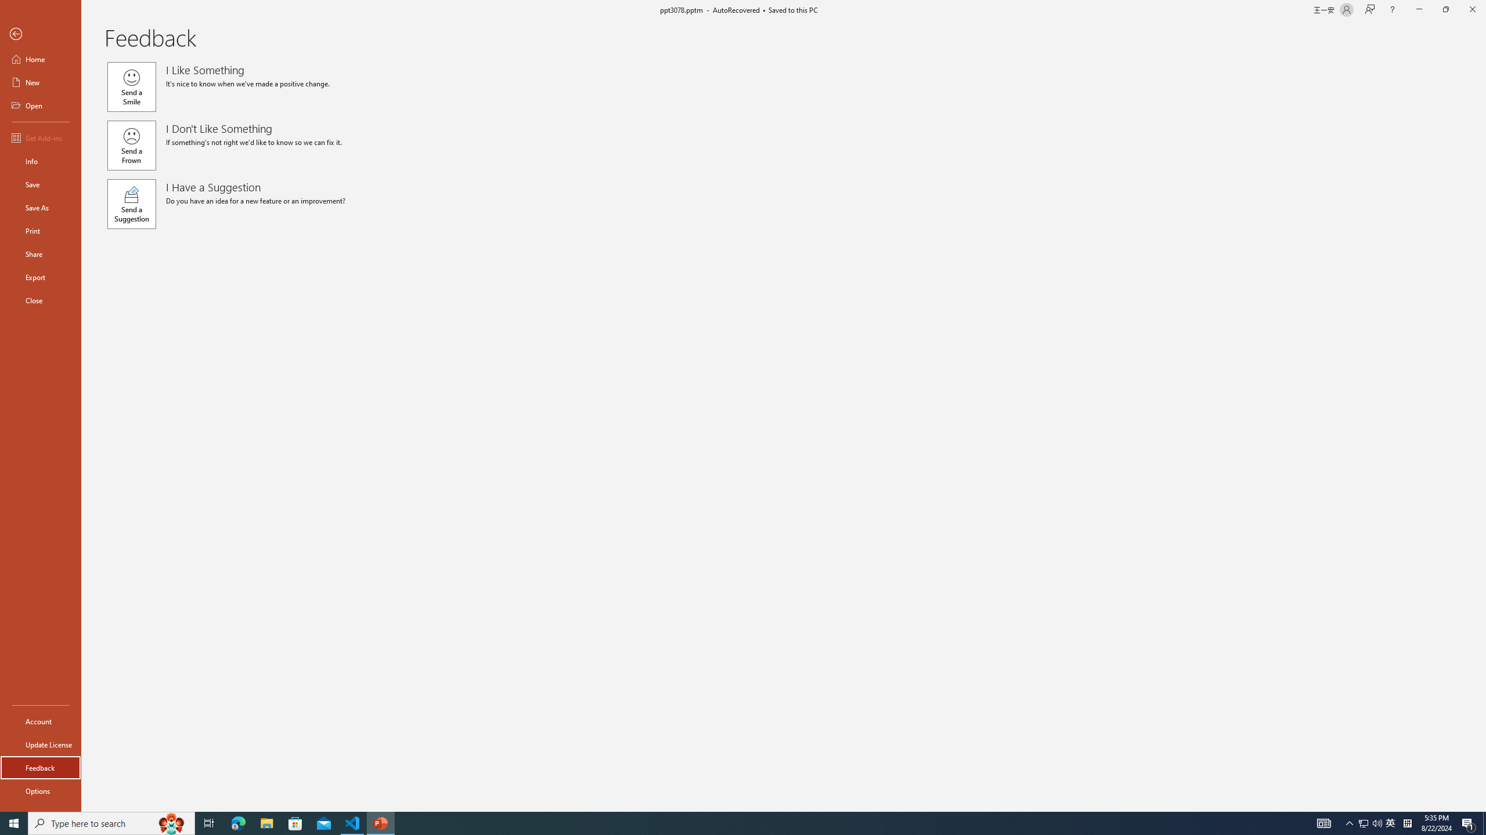  Describe the element at coordinates (40, 137) in the screenshot. I see `'Get Add-ins'` at that location.